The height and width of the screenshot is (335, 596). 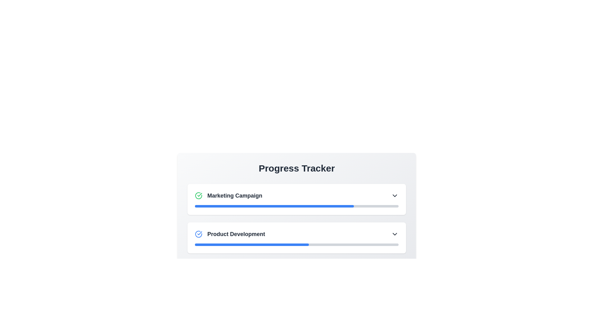 I want to click on the selectable list item representing 'Product Development' in the progress tracker, so click(x=296, y=234).